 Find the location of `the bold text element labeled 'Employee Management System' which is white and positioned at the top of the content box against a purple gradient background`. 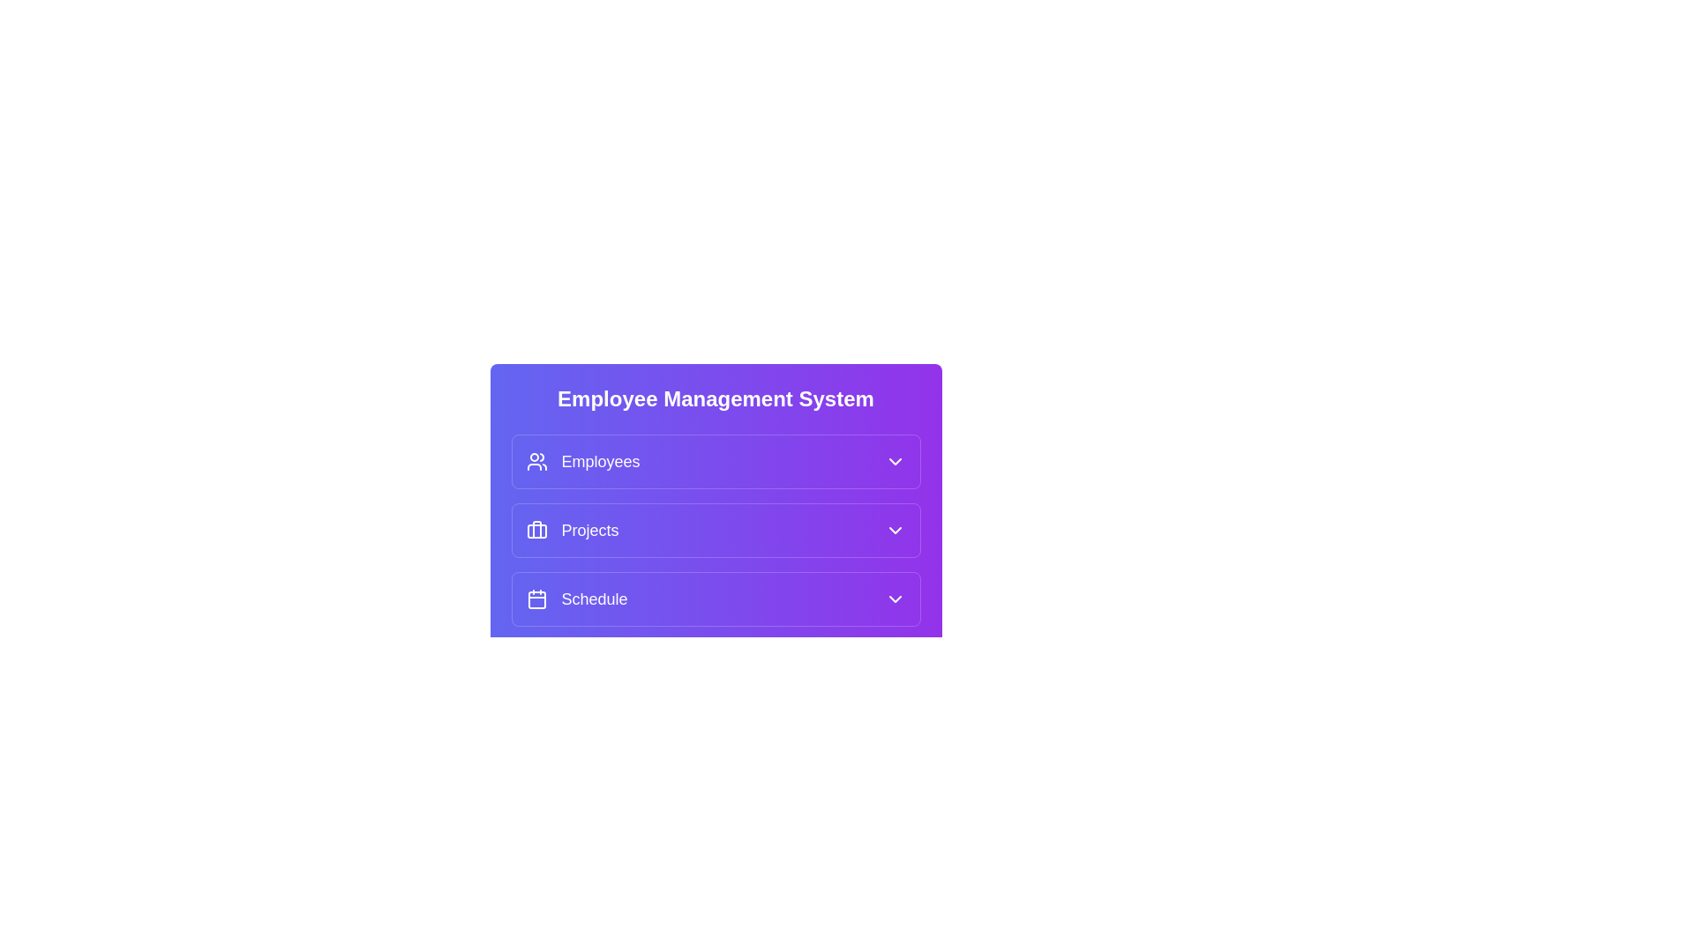

the bold text element labeled 'Employee Management System' which is white and positioned at the top of the content box against a purple gradient background is located at coordinates (716, 398).